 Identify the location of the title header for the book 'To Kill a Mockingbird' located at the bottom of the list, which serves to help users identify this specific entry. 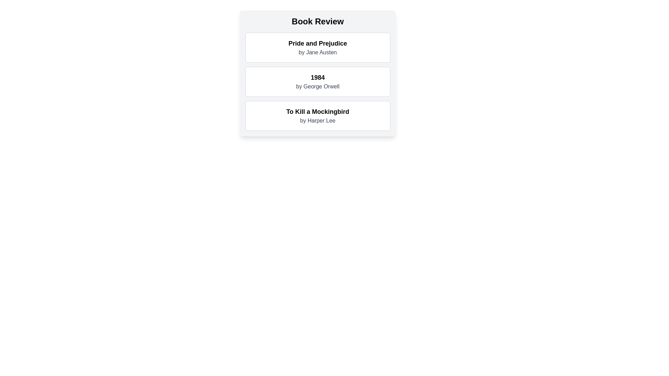
(317, 111).